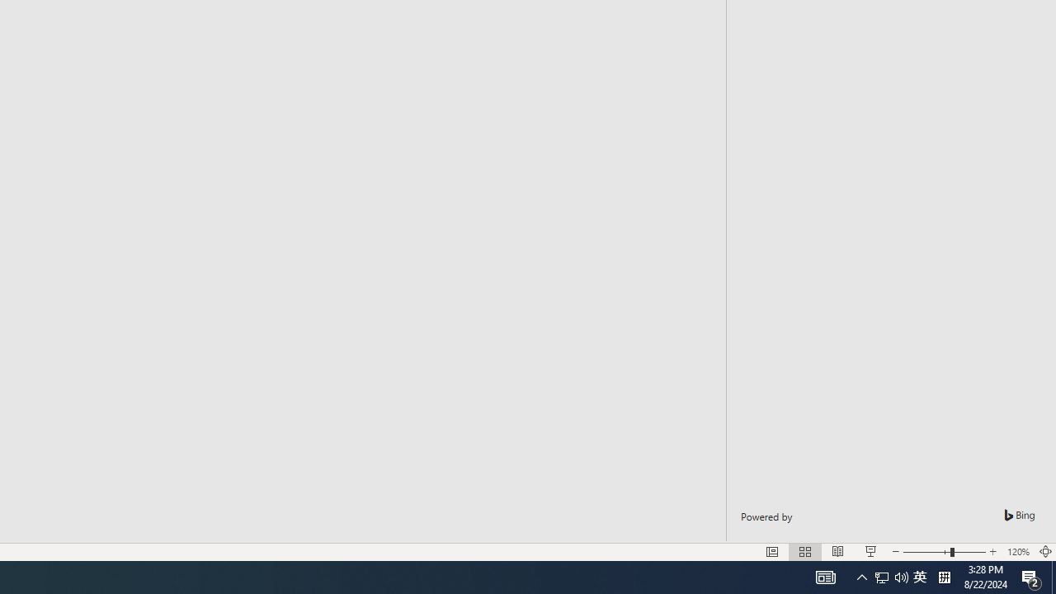  What do you see at coordinates (1017, 552) in the screenshot?
I see `'Zoom 120%'` at bounding box center [1017, 552].